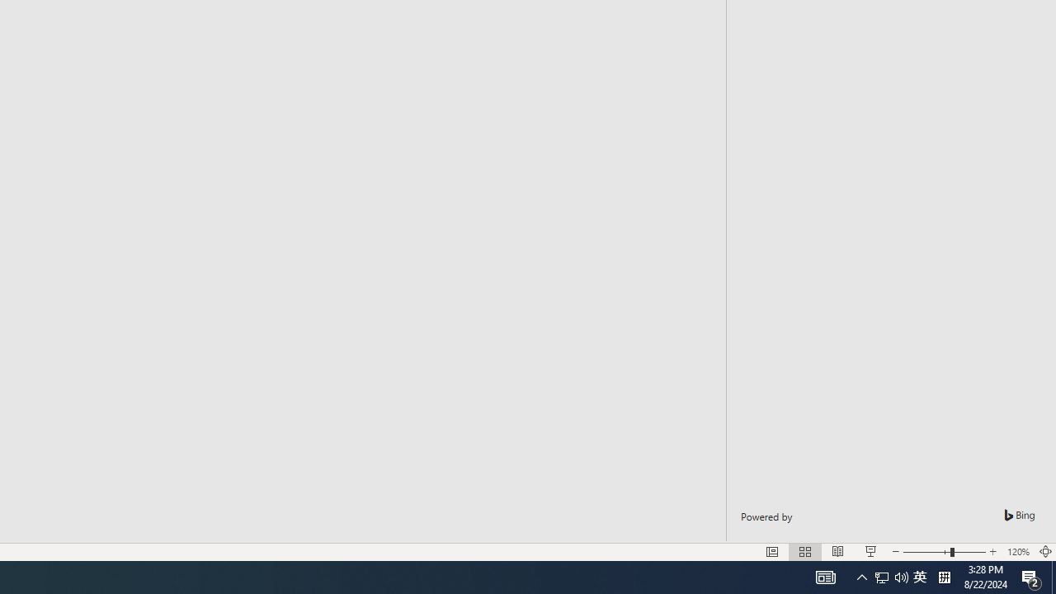  What do you see at coordinates (1017, 552) in the screenshot?
I see `'Zoom 120%'` at bounding box center [1017, 552].